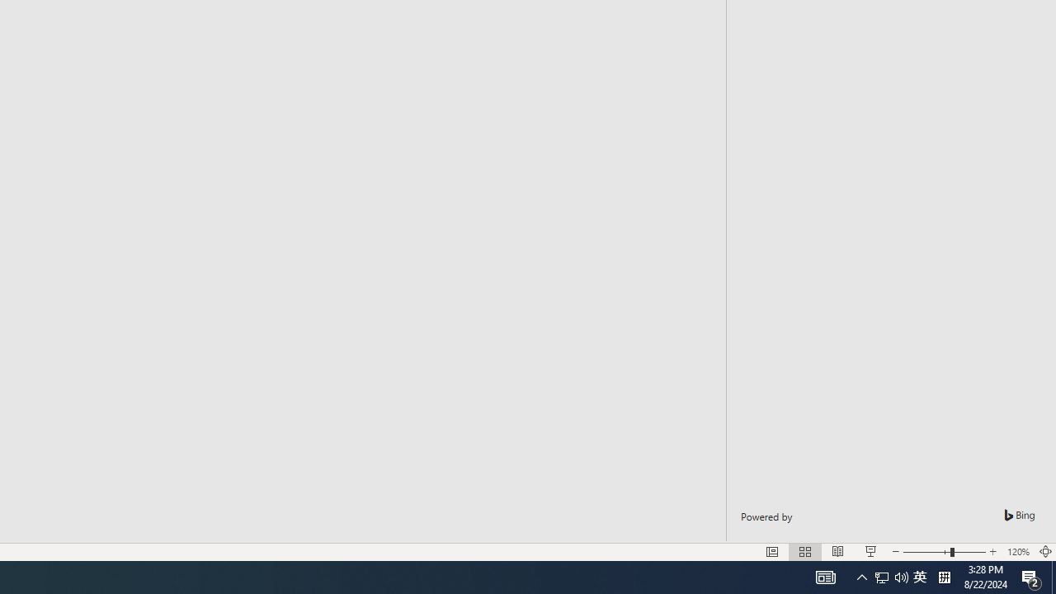  What do you see at coordinates (1017, 552) in the screenshot?
I see `'Zoom 120%'` at bounding box center [1017, 552].